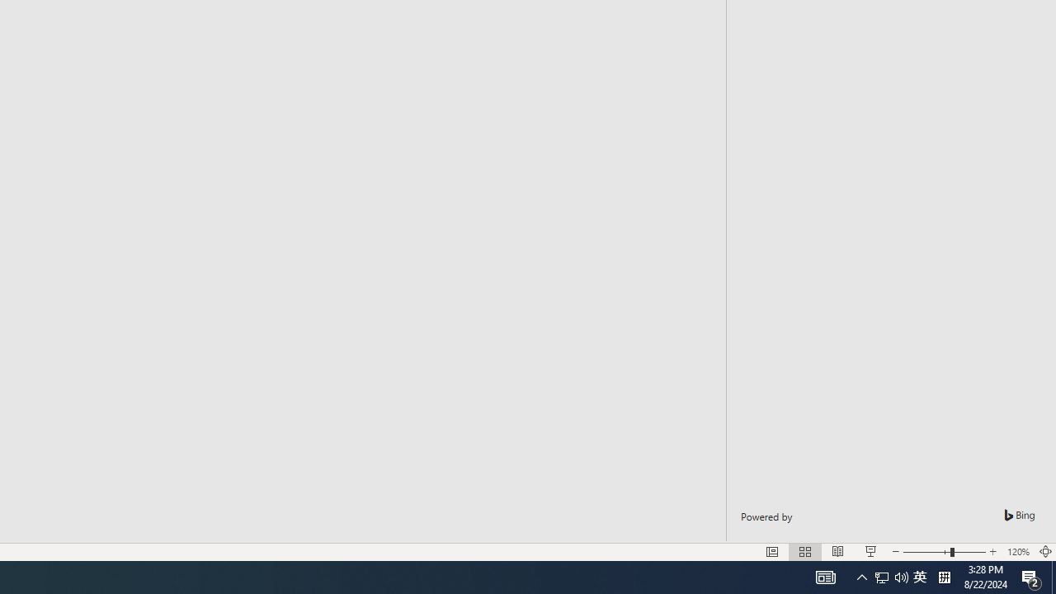  What do you see at coordinates (1017, 552) in the screenshot?
I see `'Zoom 120%'` at bounding box center [1017, 552].